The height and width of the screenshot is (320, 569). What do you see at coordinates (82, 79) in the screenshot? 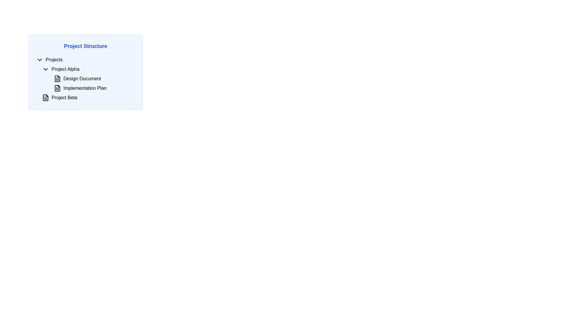
I see `the first text label under 'Project Alpha' in the 'Projects' hierarchy` at bounding box center [82, 79].